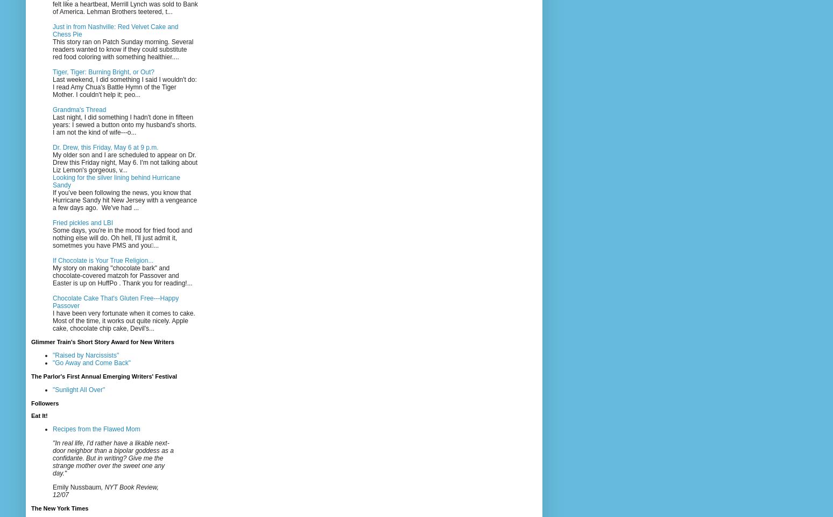 Image resolution: width=833 pixels, height=517 pixels. What do you see at coordinates (52, 181) in the screenshot?
I see `'Looking for the silver lining behind Hurricane Sandy'` at bounding box center [52, 181].